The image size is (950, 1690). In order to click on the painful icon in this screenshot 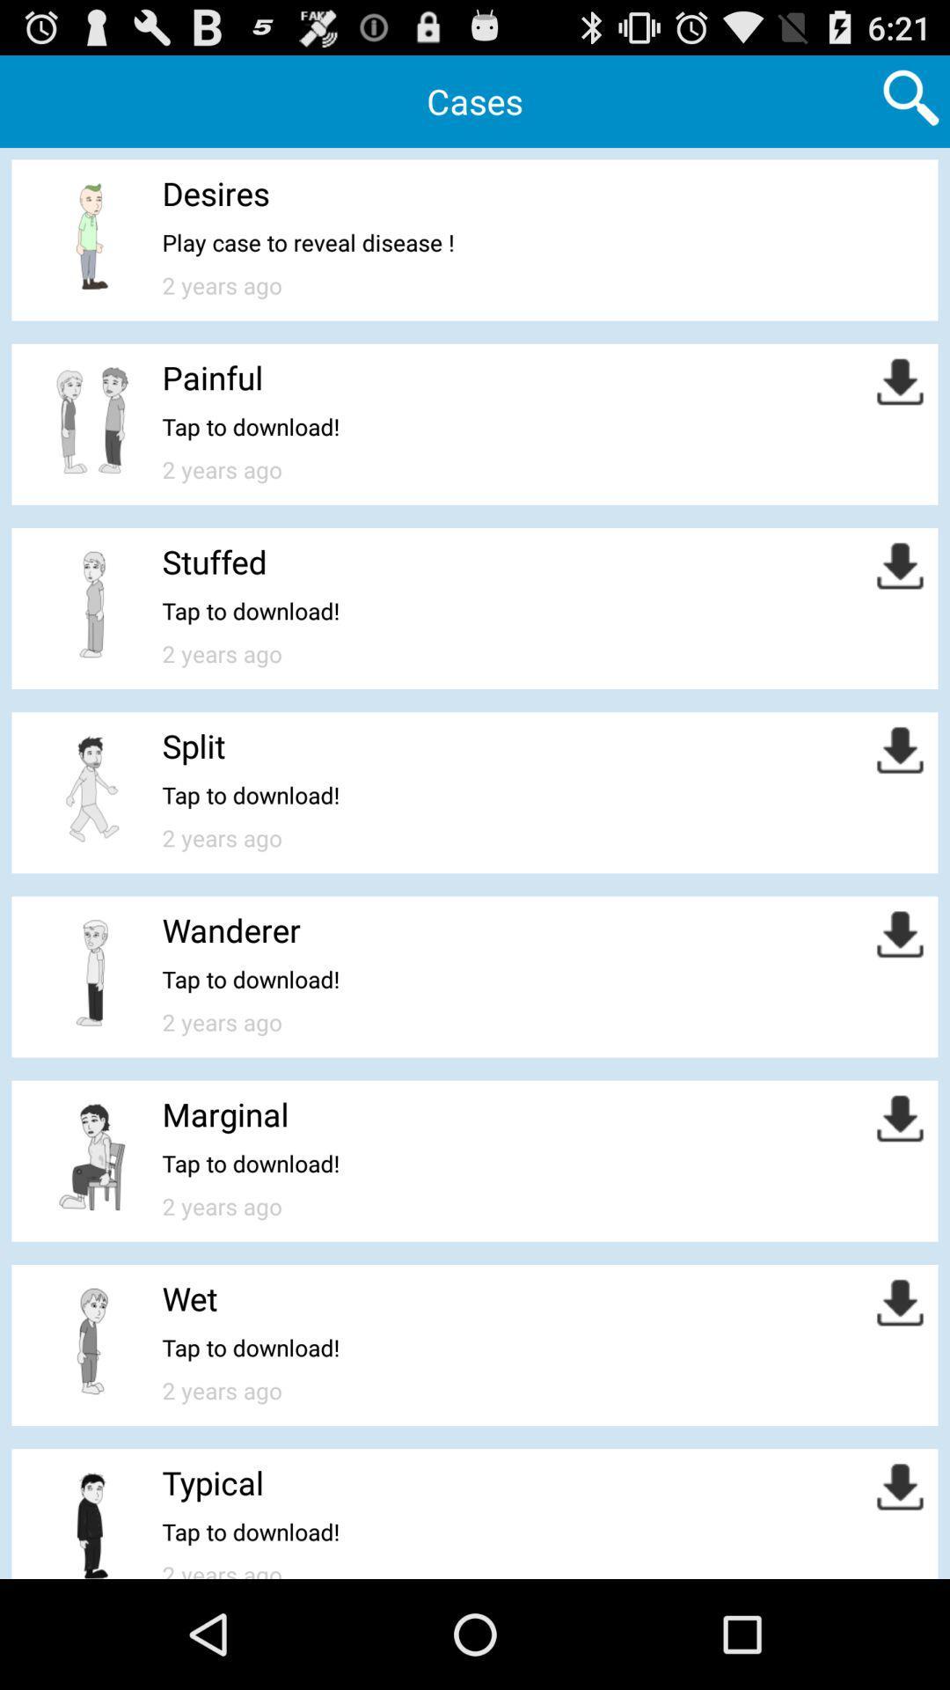, I will do `click(211, 376)`.